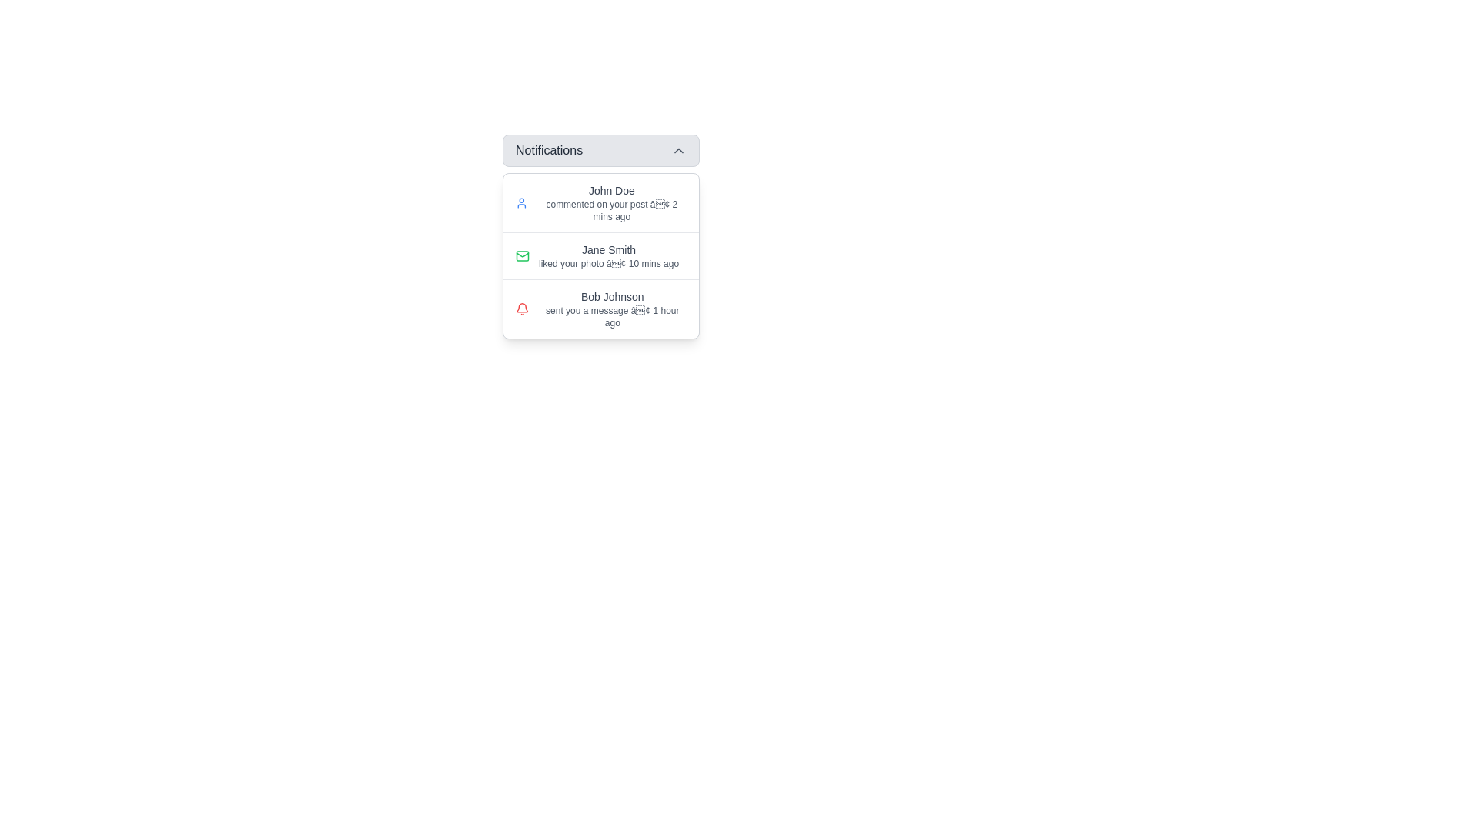 This screenshot has width=1478, height=831. I want to click on notification details for 'Jane Smith liked your photo 10 minutes ago', which is the second item in the notifications list, so click(600, 255).